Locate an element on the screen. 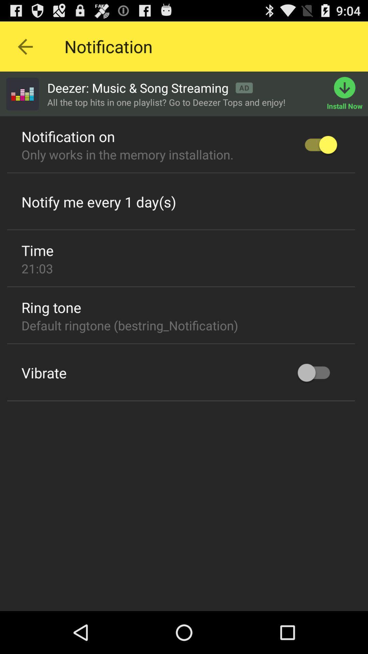 This screenshot has height=654, width=368. the icon below only works in item is located at coordinates (181, 173).